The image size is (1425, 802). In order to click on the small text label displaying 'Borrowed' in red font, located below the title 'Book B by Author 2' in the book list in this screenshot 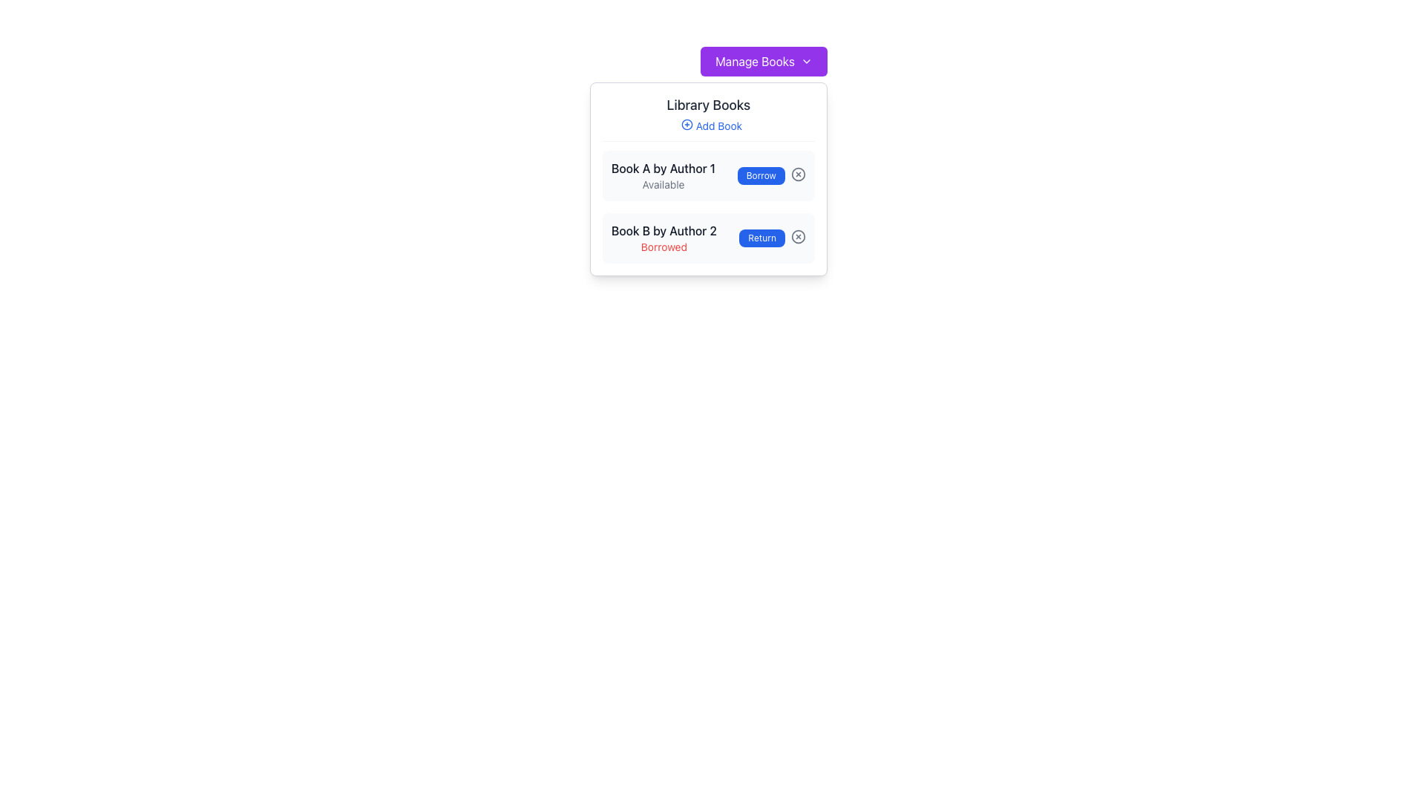, I will do `click(663, 246)`.